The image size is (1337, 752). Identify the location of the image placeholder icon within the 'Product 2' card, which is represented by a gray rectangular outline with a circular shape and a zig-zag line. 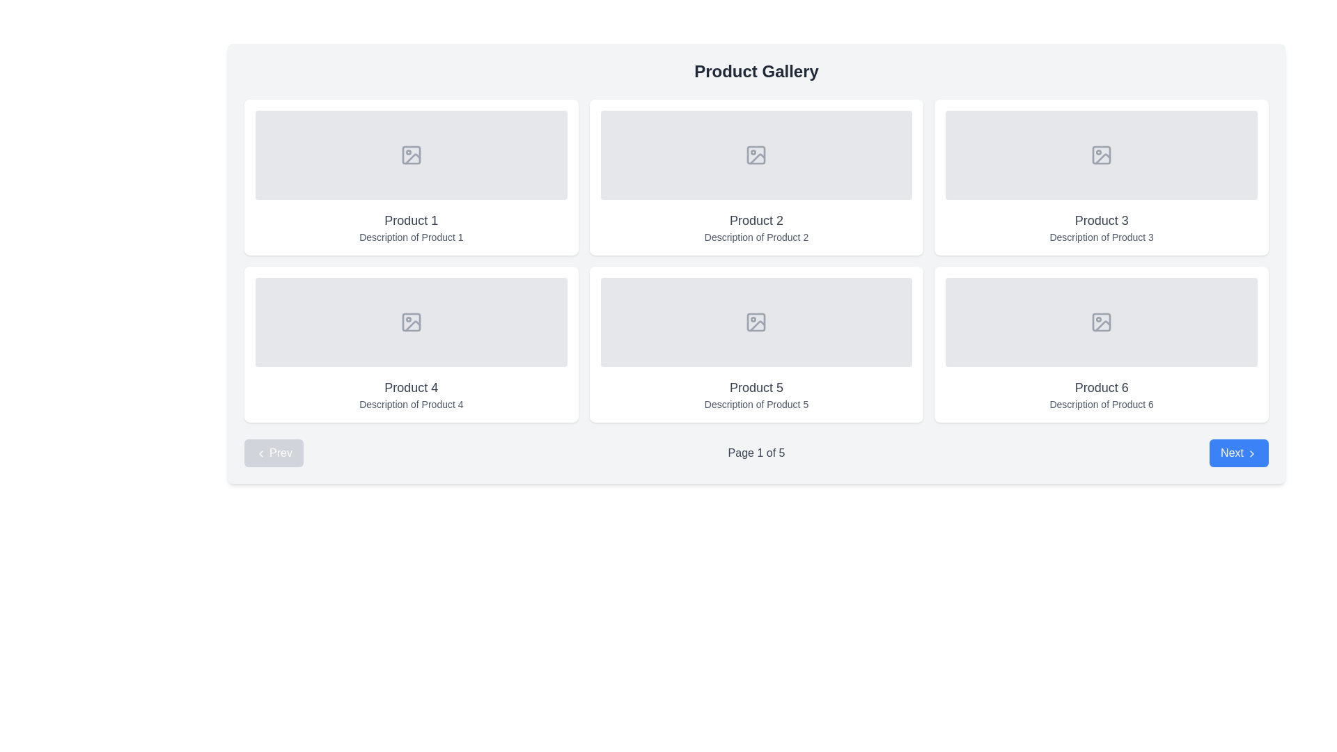
(756, 155).